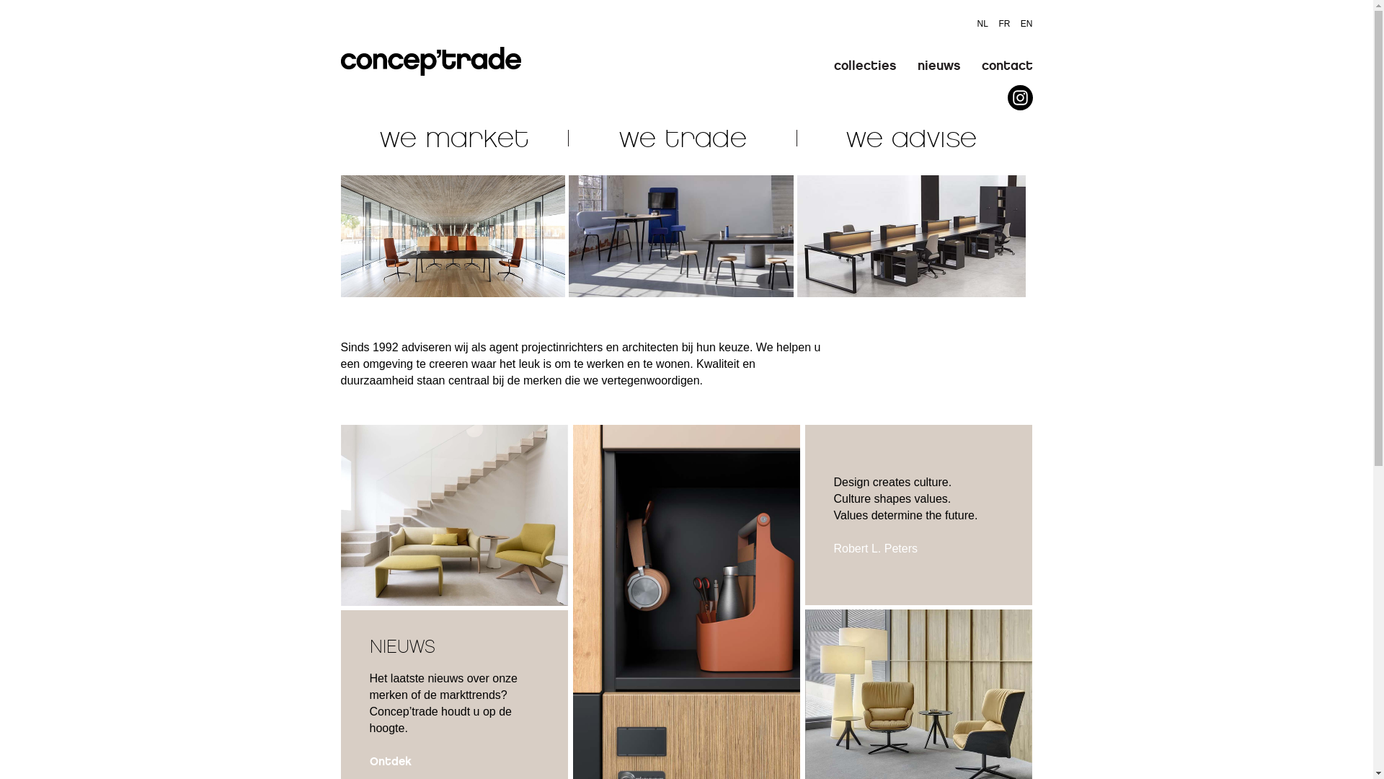  I want to click on 'collecties', so click(864, 66).